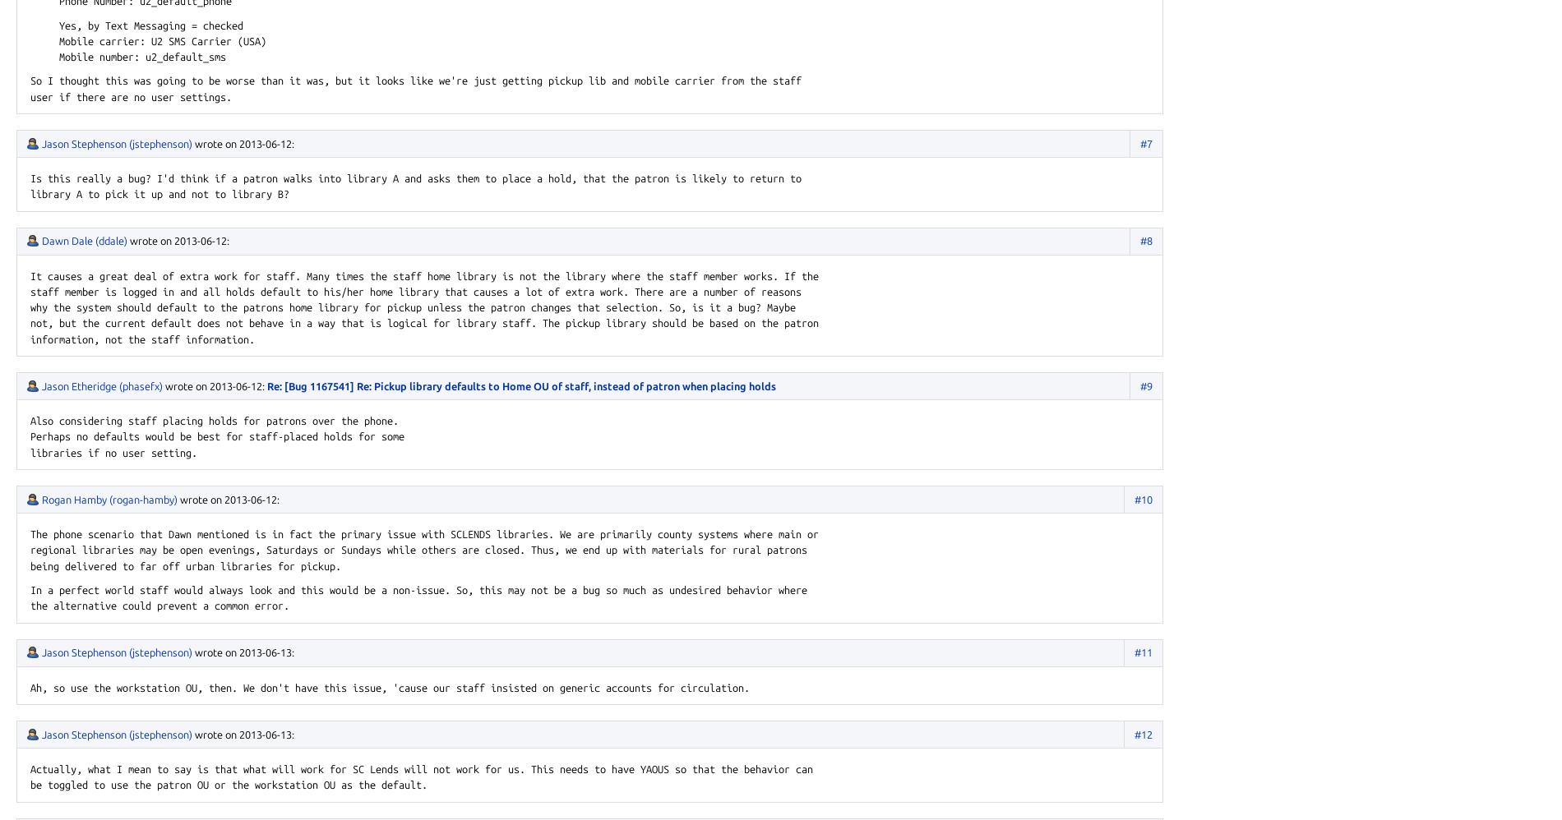  What do you see at coordinates (30, 687) in the screenshot?
I see `'Ah, so use the workstation OU, then. We don't have this issue, 'cause our staff insisted on generic accounts for circulation.'` at bounding box center [30, 687].